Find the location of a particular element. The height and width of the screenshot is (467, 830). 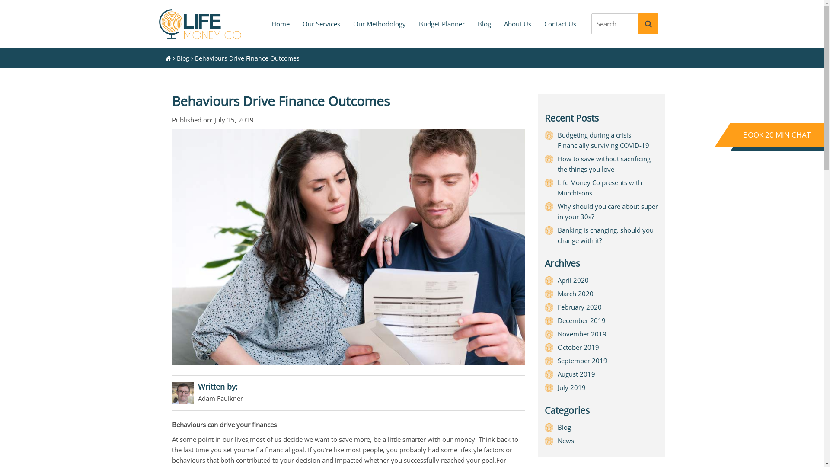

'Budget Planner' is located at coordinates (442, 23).